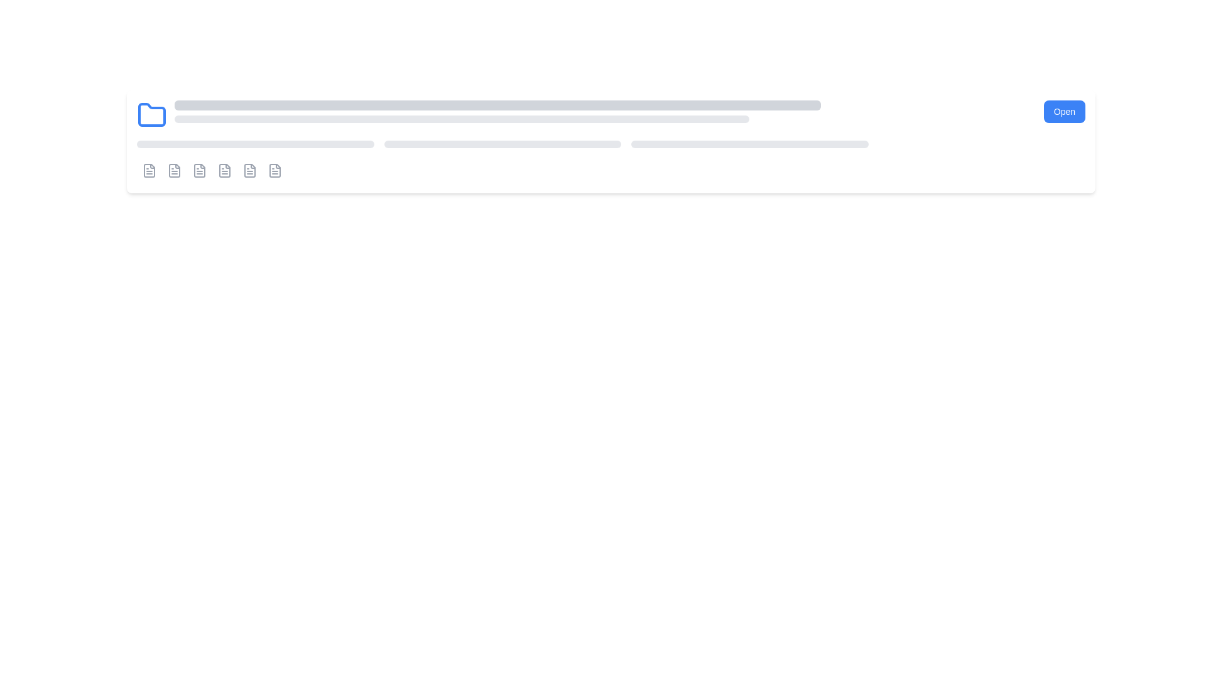 The image size is (1206, 678). I want to click on the second horizontal bar in a sequence of three light gray bars, which is a non-interactive visual design element, so click(503, 144).